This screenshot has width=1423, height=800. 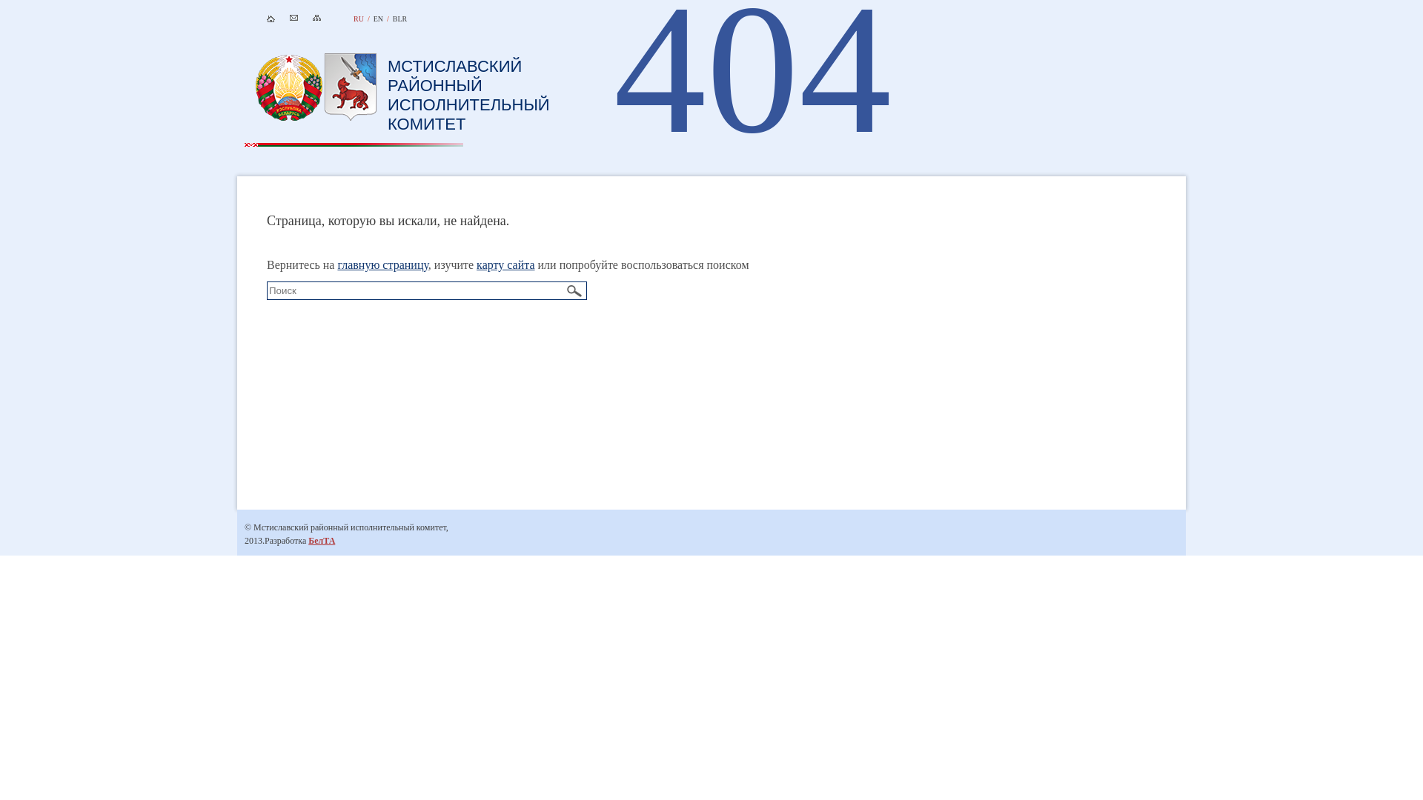 What do you see at coordinates (392, 19) in the screenshot?
I see `'BLR'` at bounding box center [392, 19].